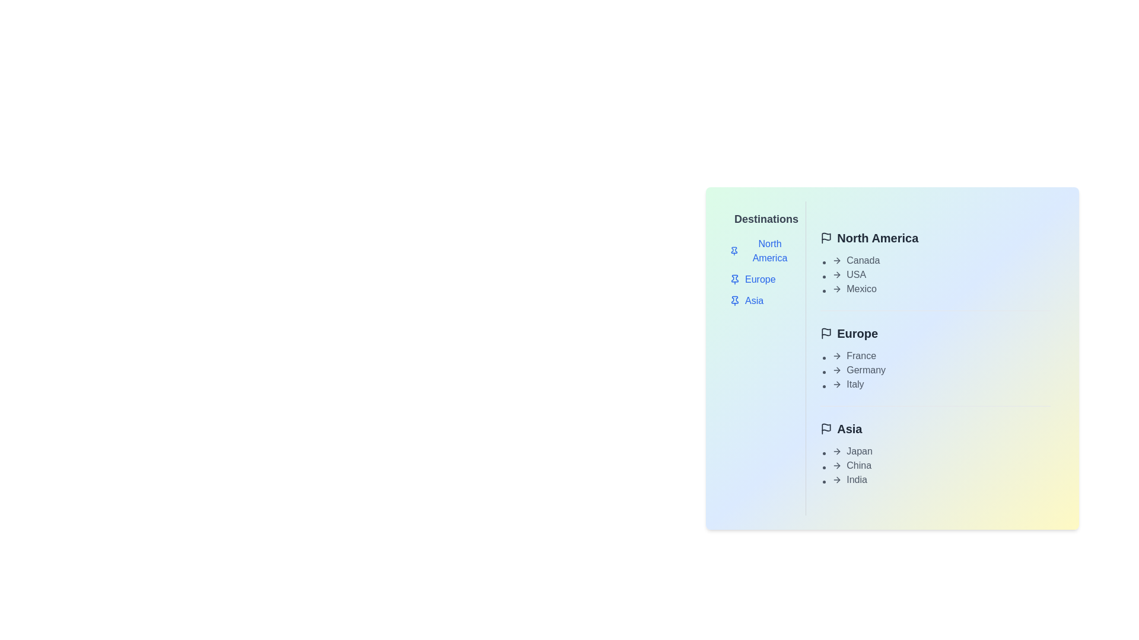  Describe the element at coordinates (826, 429) in the screenshot. I see `the icon representing the region 'Asia', located immediately to the left of the text 'Asia'` at that location.